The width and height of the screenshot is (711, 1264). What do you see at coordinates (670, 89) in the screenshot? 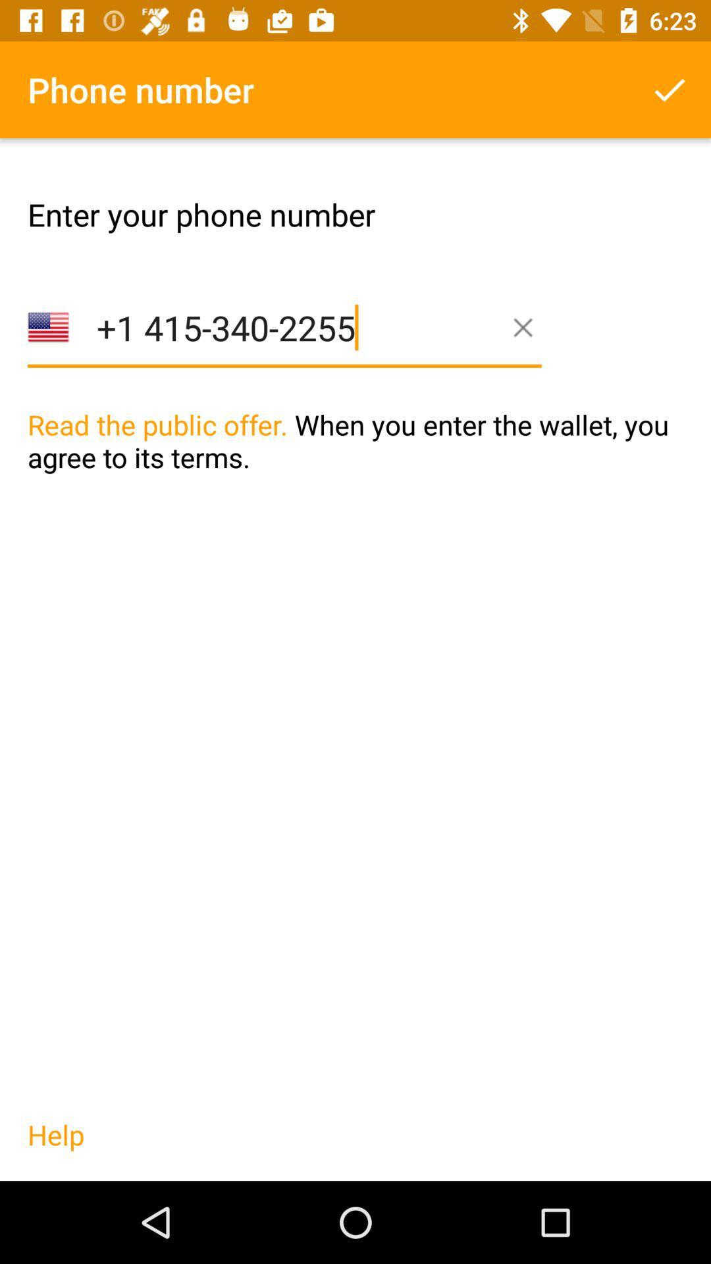
I see `the item above the read the public icon` at bounding box center [670, 89].